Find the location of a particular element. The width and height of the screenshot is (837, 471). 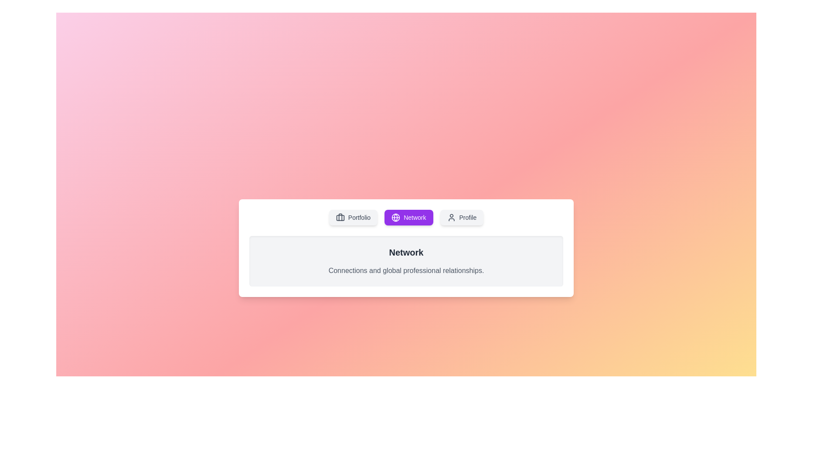

the Network tab to switch the content is located at coordinates (408, 217).